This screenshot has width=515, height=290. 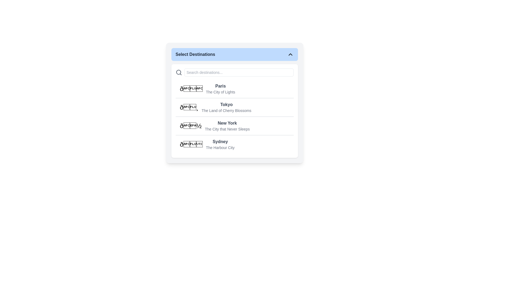 What do you see at coordinates (207, 89) in the screenshot?
I see `the first item in the list of selectable destinations titled 'Select Destinations', which represents 'Paris'` at bounding box center [207, 89].